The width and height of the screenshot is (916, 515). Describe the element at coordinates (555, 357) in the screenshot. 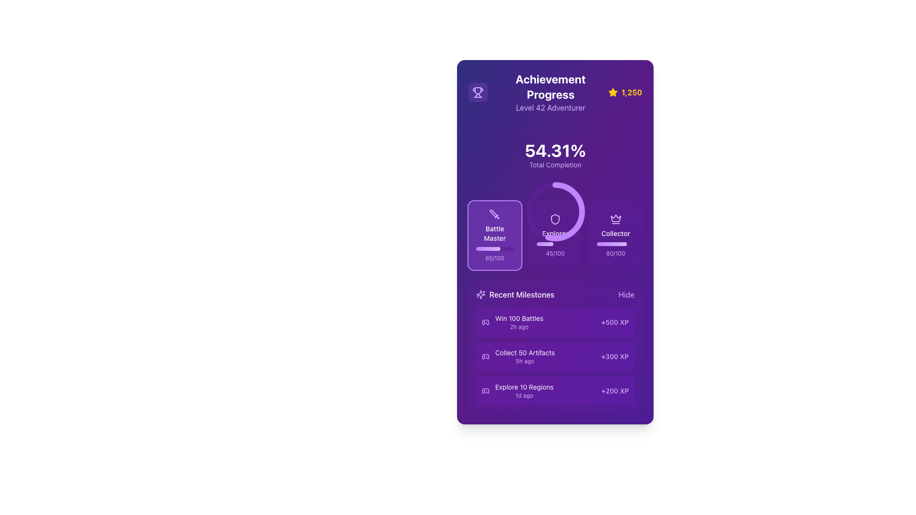

I see `the second milestone card in the 'Recent Milestones' list, which indicates 'Collect 50 Artifacts' with a completion time of '5h ago' and a reward of '+300 XP'` at that location.